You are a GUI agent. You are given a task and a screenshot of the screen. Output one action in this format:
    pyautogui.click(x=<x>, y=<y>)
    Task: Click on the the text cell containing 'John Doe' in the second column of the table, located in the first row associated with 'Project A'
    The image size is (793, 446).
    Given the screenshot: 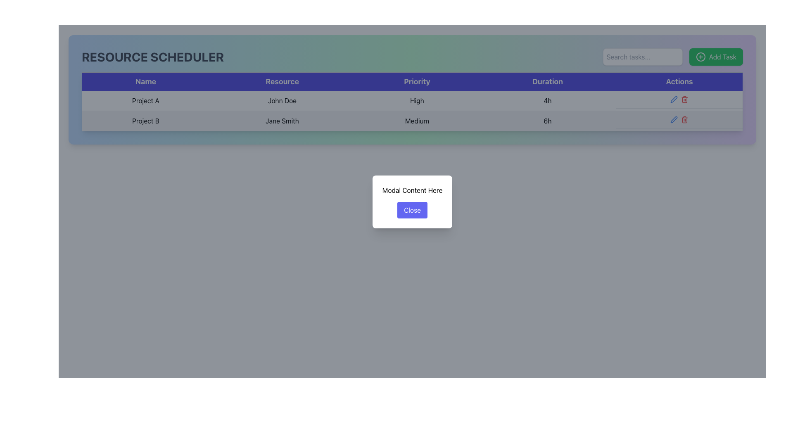 What is the action you would take?
    pyautogui.click(x=282, y=100)
    